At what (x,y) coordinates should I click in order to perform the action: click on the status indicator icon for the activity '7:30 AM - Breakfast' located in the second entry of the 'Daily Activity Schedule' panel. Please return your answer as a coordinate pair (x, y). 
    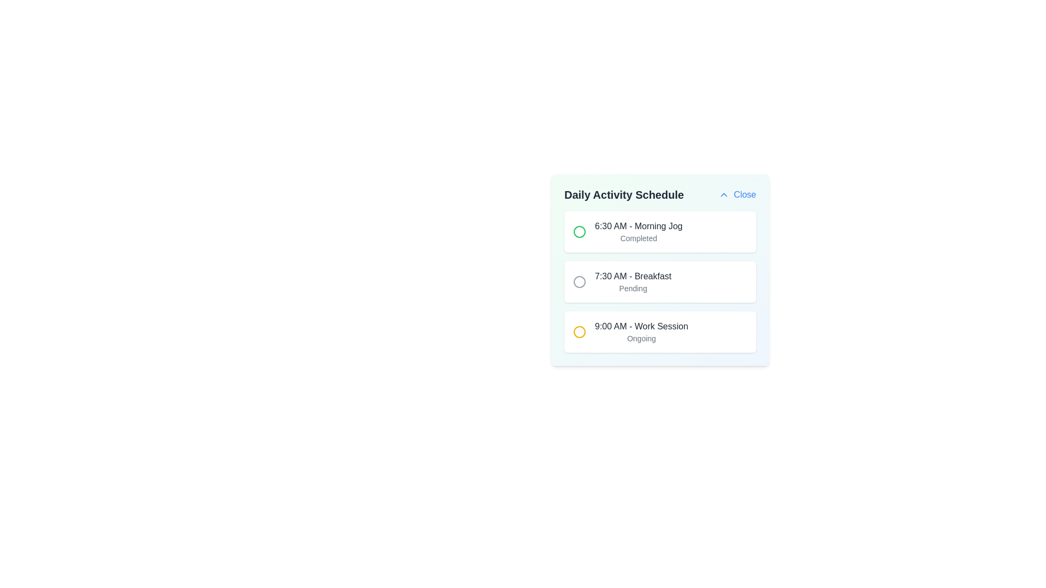
    Looking at the image, I should click on (579, 281).